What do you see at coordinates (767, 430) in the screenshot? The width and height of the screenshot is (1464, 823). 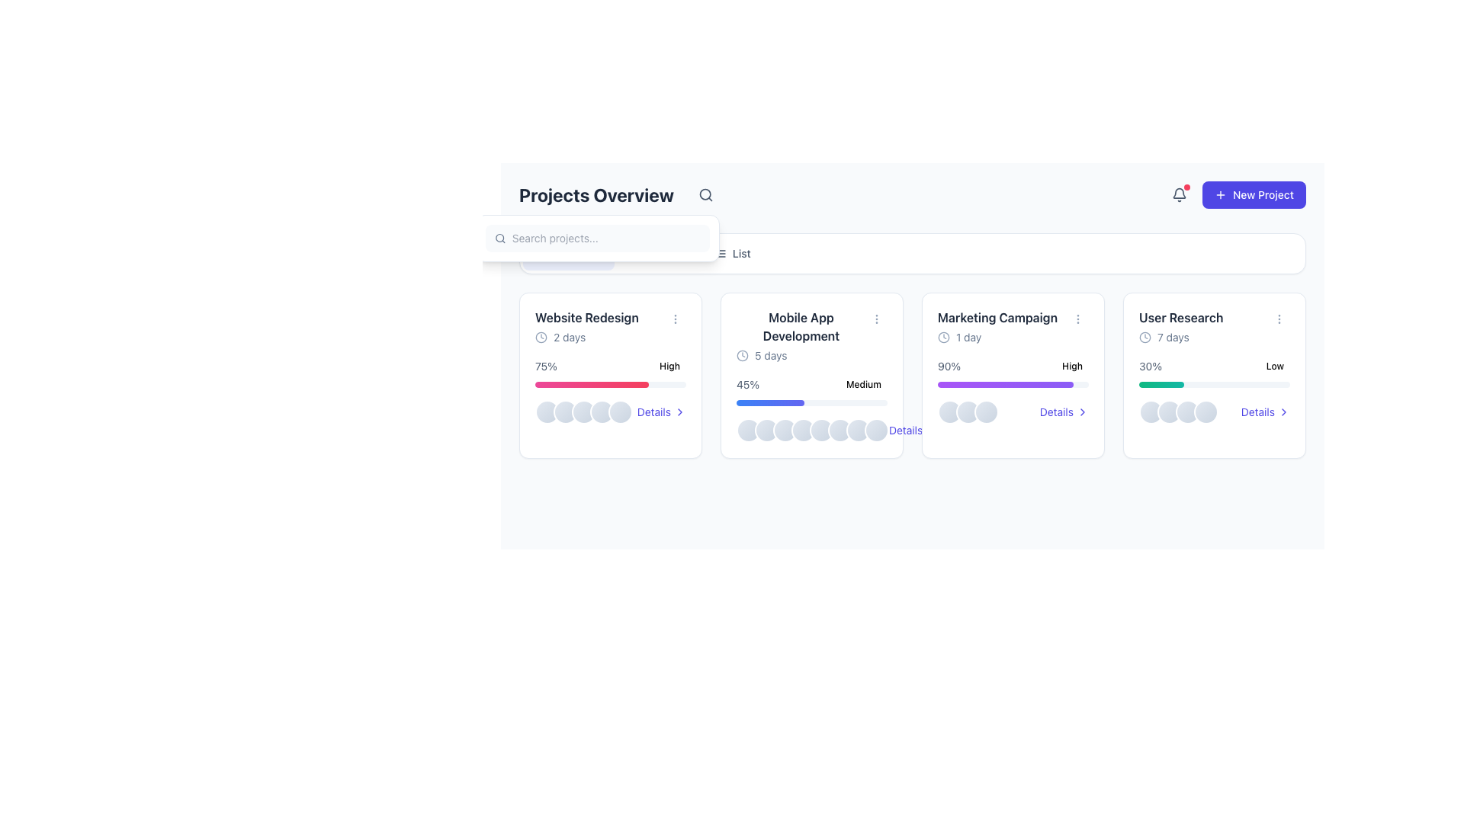 I see `the second circular indicator in the row beneath the 'Mobile App Development' card, which has a gradient background and a white outline` at bounding box center [767, 430].